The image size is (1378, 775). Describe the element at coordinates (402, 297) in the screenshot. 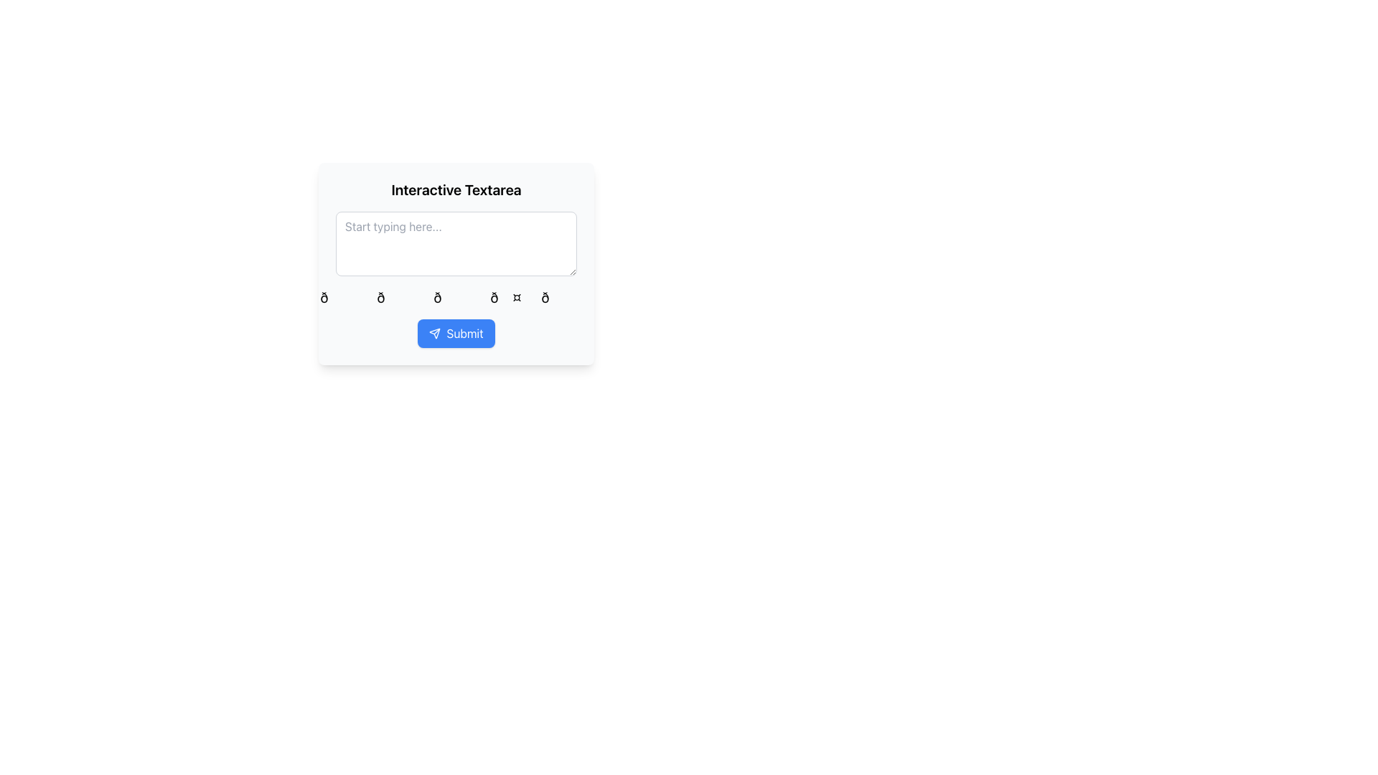

I see `the second emoji from the left in the horizontal list to get more information` at that location.